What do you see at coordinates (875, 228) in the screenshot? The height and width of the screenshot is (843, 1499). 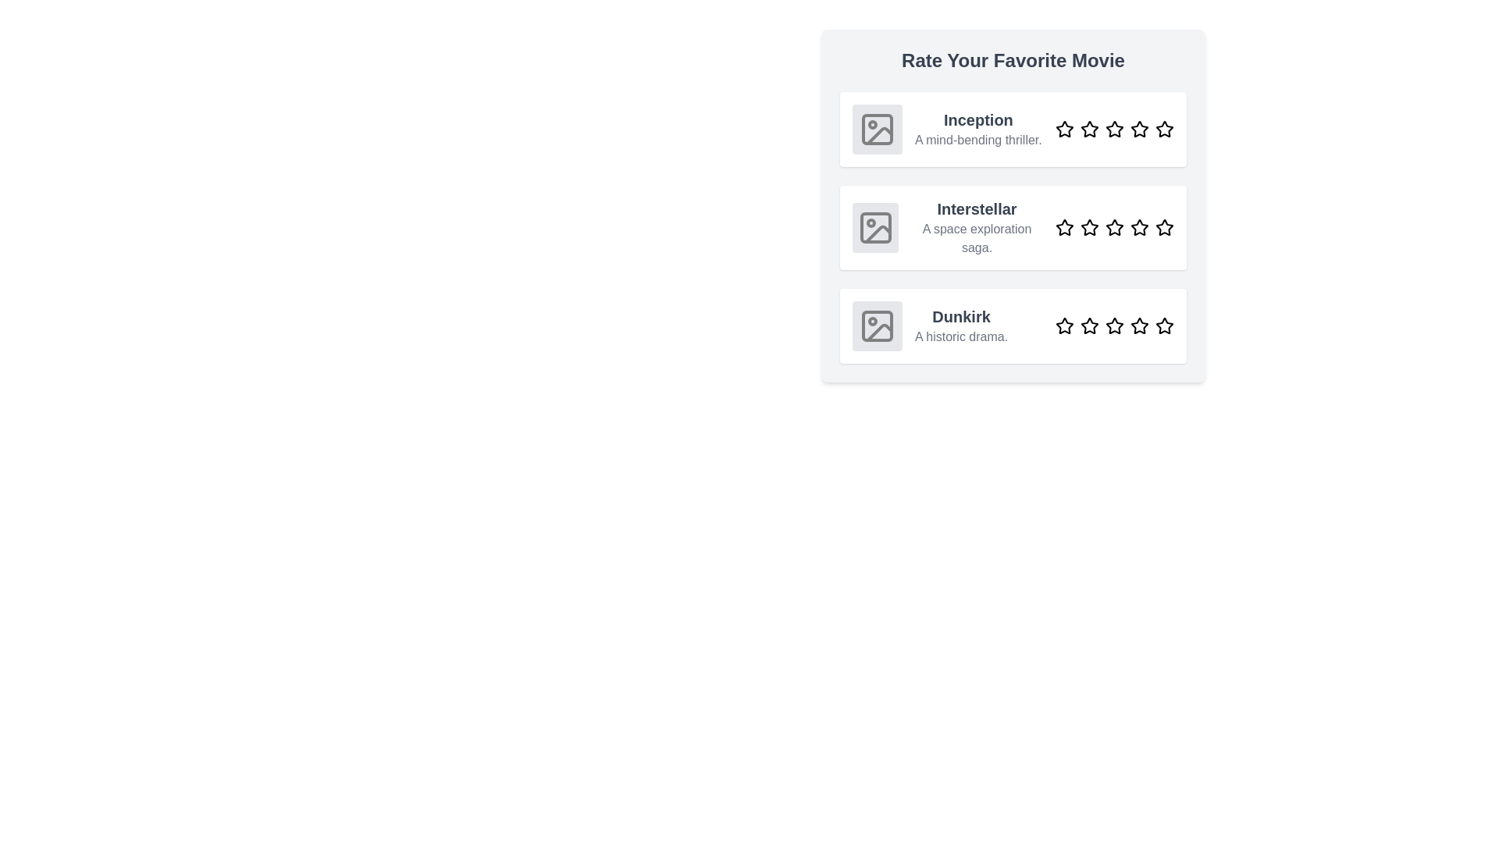 I see `the icon resembling a generic image placeholder located to the left of the text 'Interstellar' in the 'Rate Your Favorite Movie' list` at bounding box center [875, 228].